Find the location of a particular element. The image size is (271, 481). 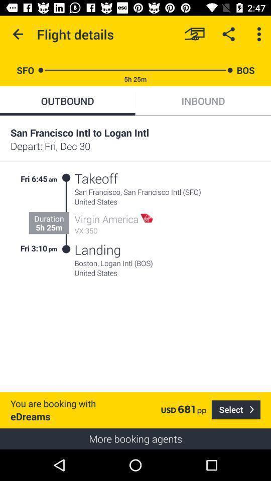

the icon next to takeoff item is located at coordinates (66, 213).